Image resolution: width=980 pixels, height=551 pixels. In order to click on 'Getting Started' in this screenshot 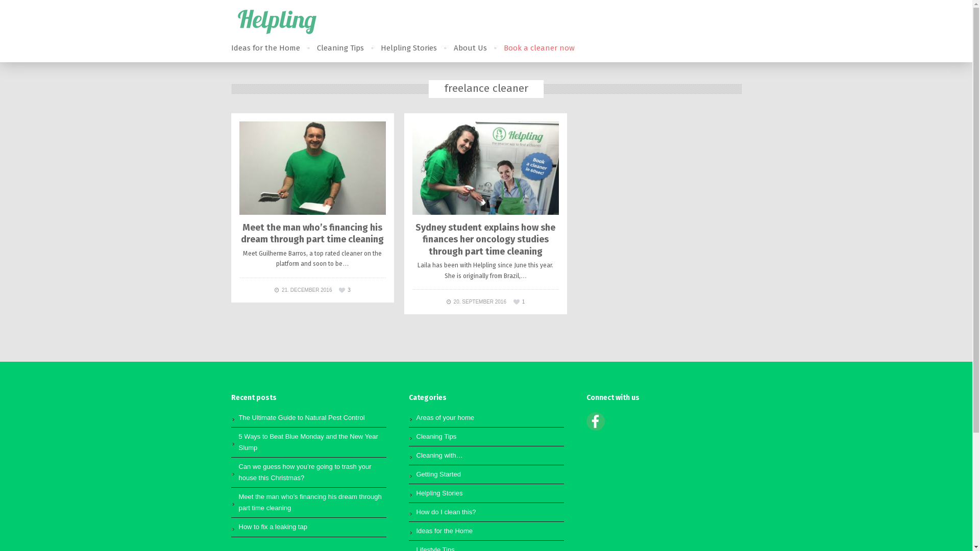, I will do `click(438, 474)`.